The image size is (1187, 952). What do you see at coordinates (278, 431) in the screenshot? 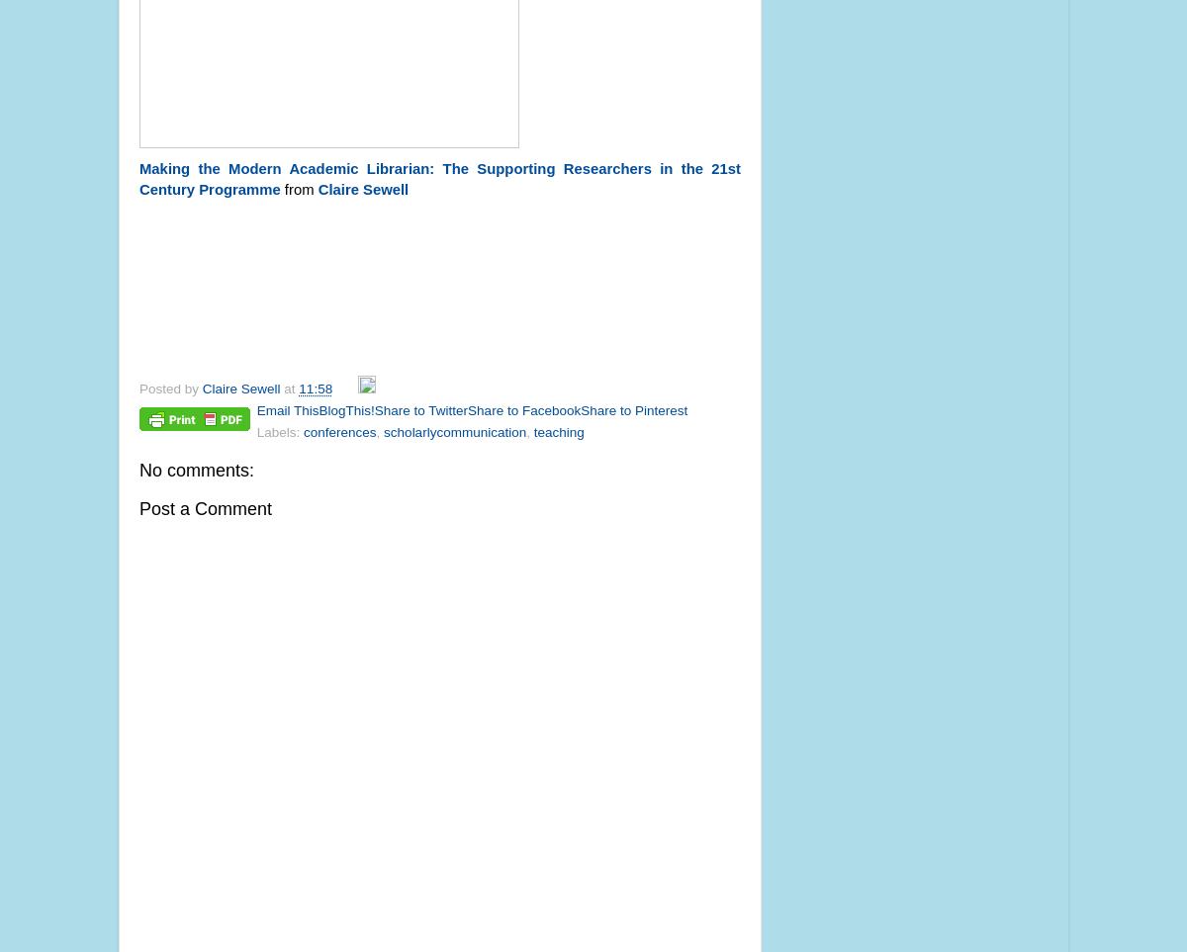
I see `'Labels:'` at bounding box center [278, 431].